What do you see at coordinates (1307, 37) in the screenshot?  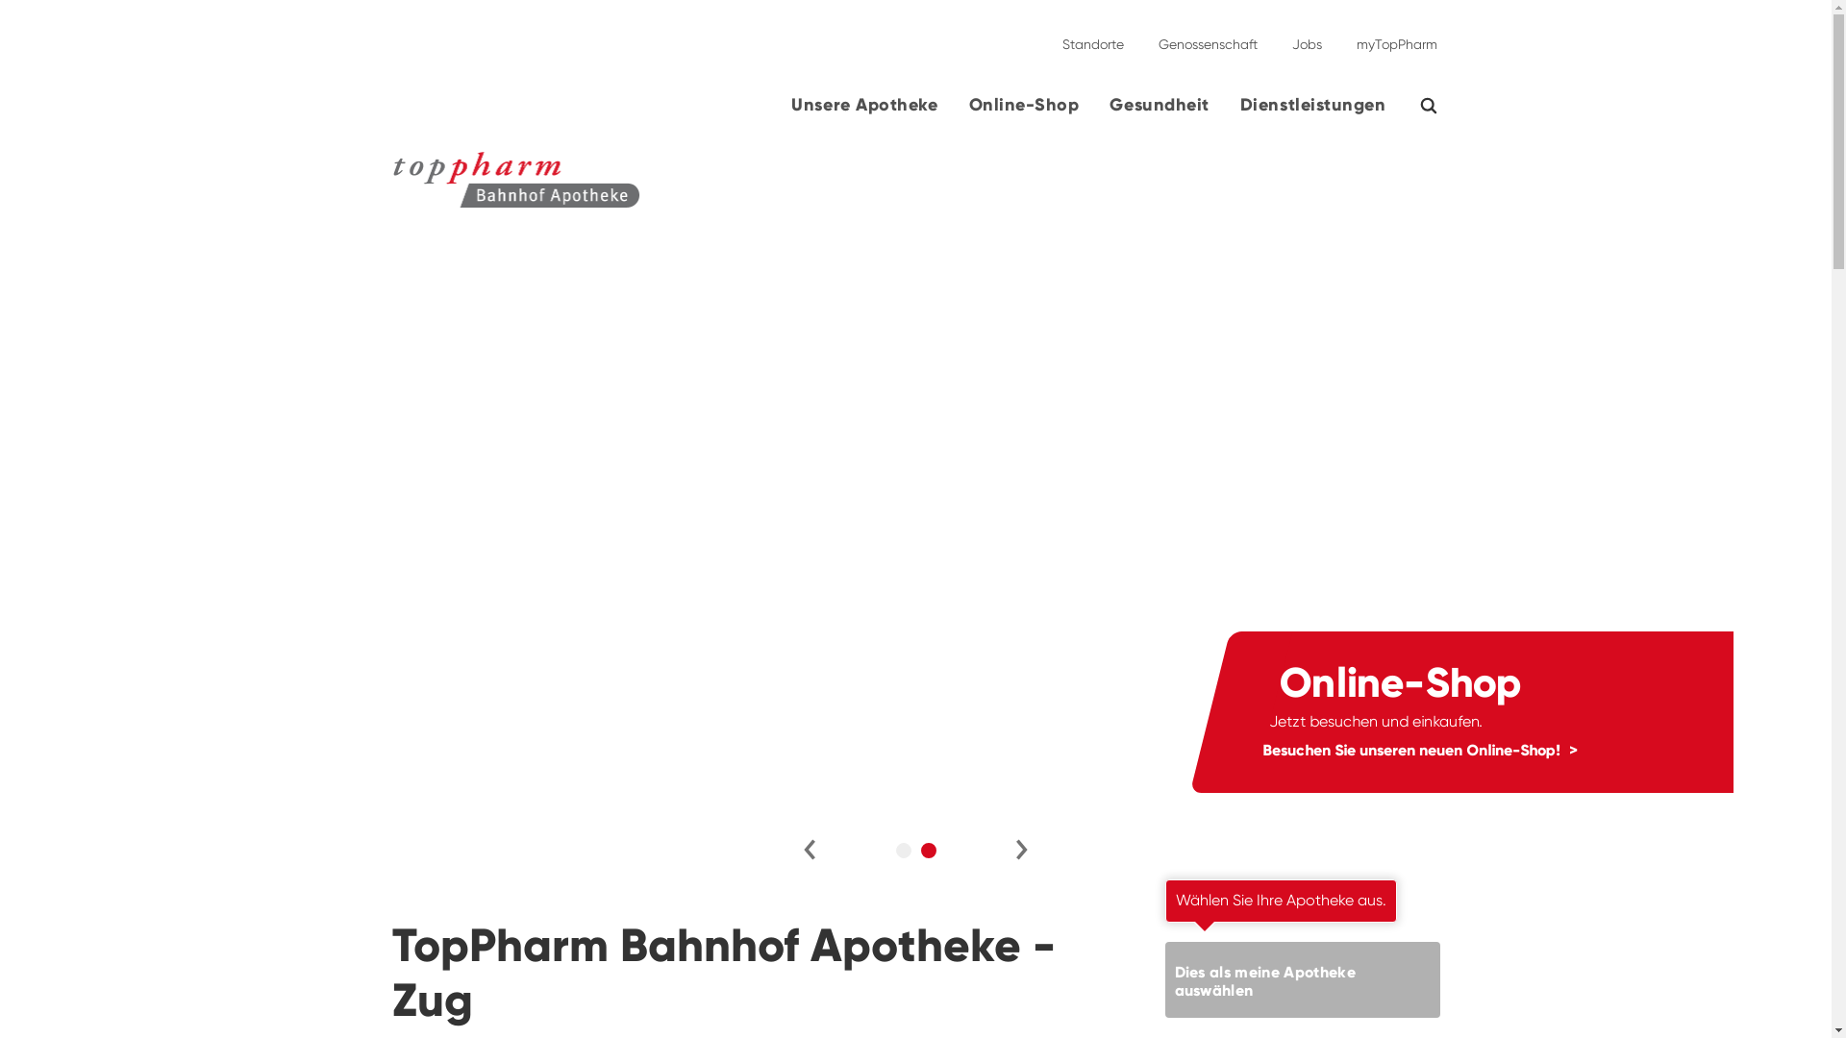 I see `'Jobs'` at bounding box center [1307, 37].